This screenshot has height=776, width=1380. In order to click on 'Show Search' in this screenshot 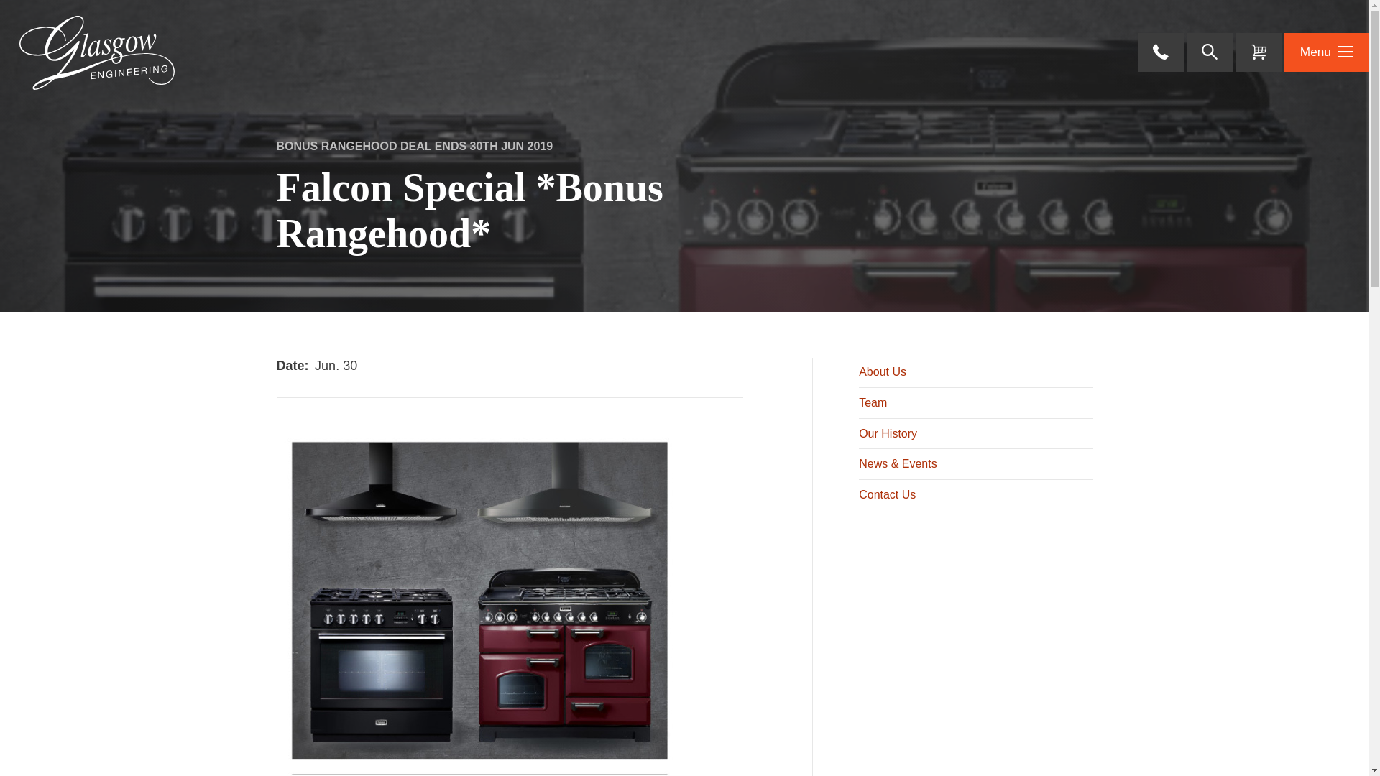, I will do `click(1209, 52)`.